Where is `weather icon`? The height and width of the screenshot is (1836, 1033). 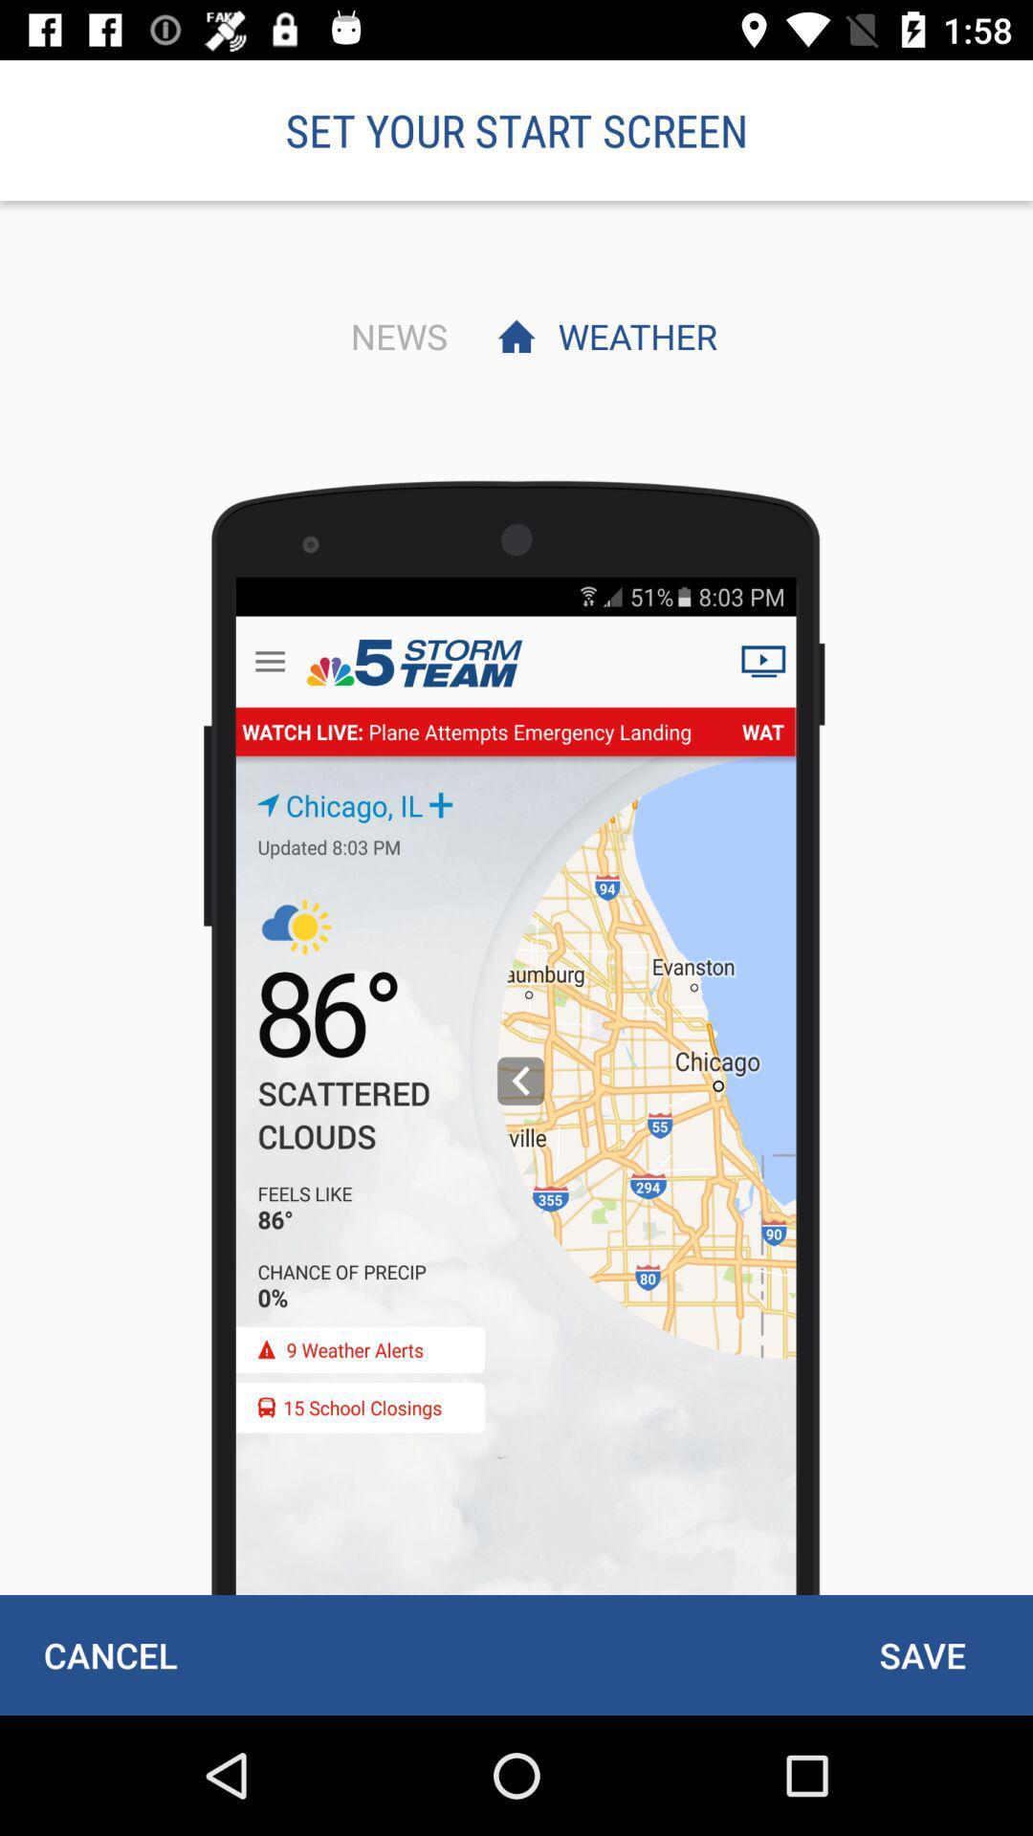
weather icon is located at coordinates (632, 336).